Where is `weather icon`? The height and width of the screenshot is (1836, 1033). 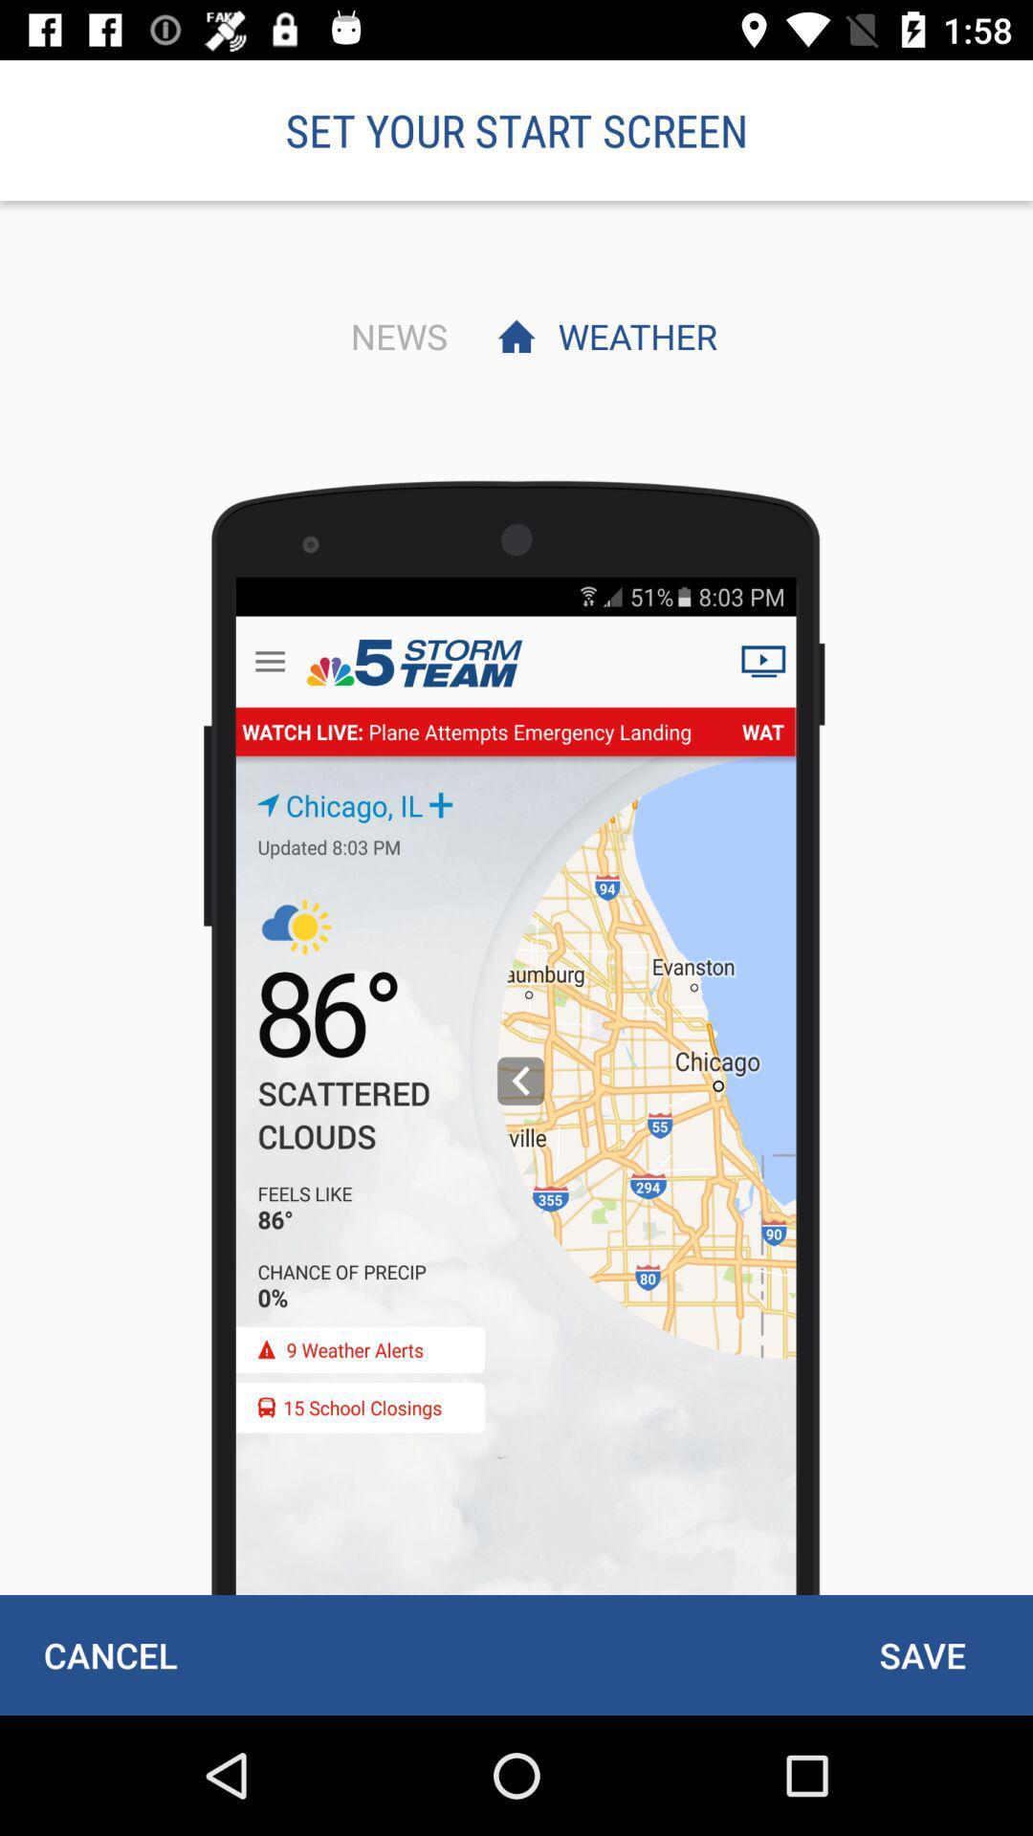
weather icon is located at coordinates (632, 336).